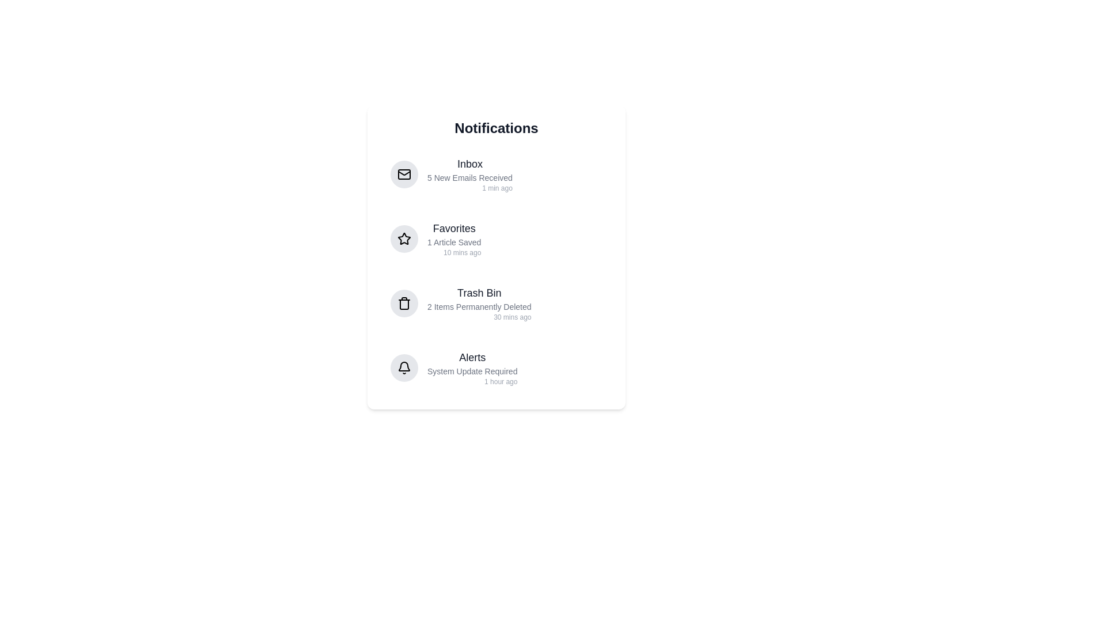 The image size is (1106, 622). What do you see at coordinates (497, 368) in the screenshot?
I see `the notification Alerts to see its hover effect` at bounding box center [497, 368].